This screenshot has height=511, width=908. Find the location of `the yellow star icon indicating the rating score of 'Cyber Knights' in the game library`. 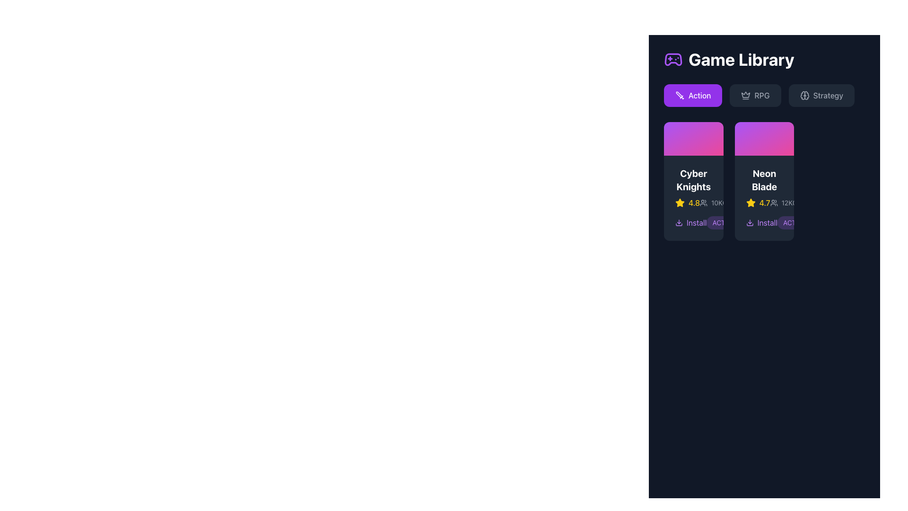

the yellow star icon indicating the rating score of 'Cyber Knights' in the game library is located at coordinates (680, 202).